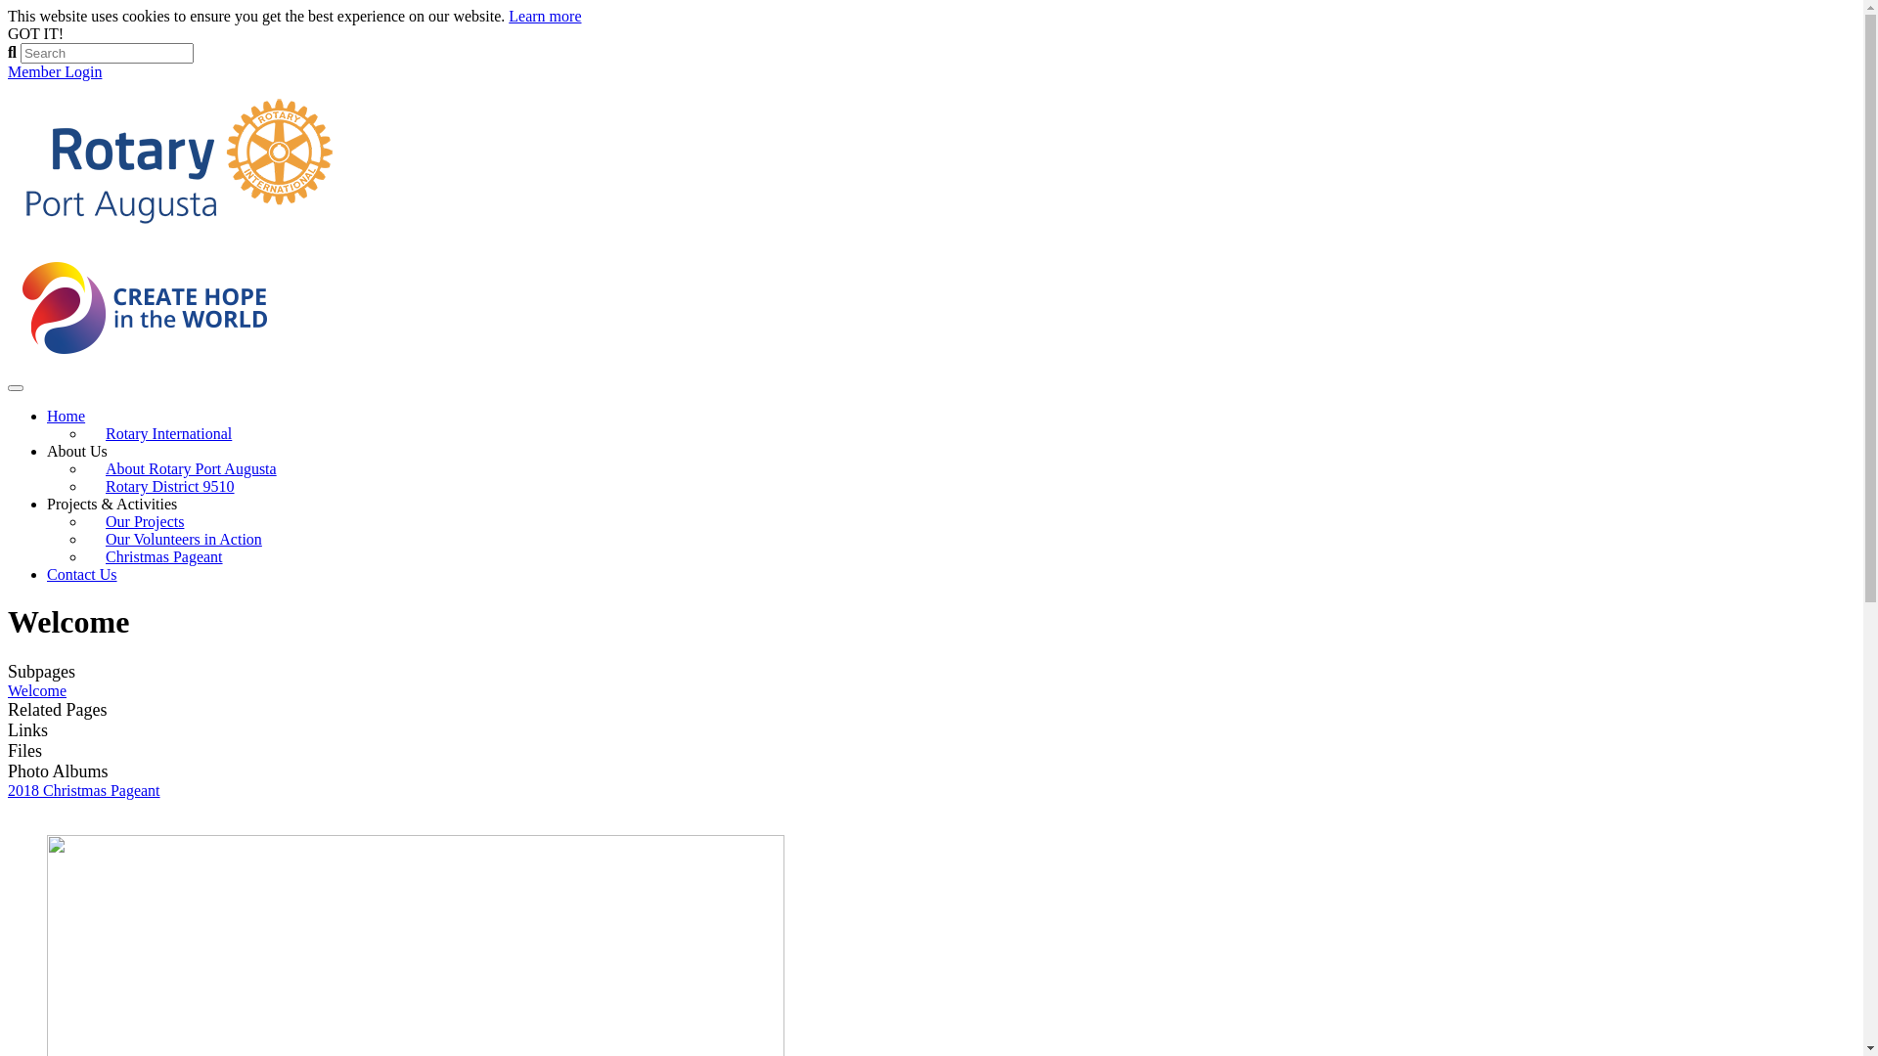  I want to click on 'About Rotary Port Augusta', so click(191, 468).